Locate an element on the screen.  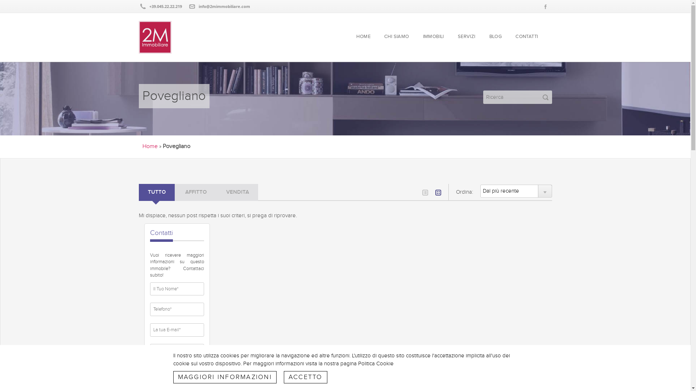
'MAGGIORI INFORMAZIONI' is located at coordinates (224, 377).